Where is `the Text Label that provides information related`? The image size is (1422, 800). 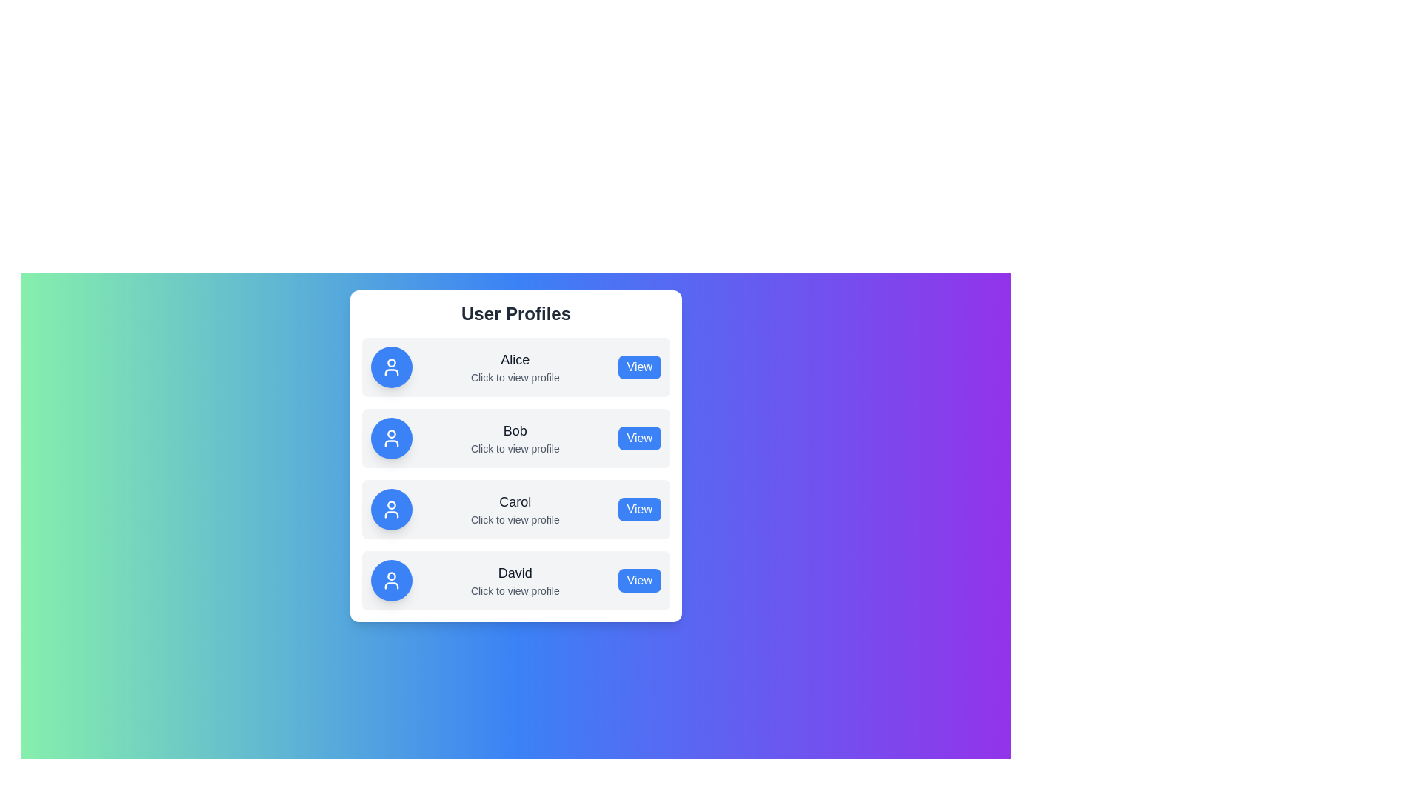
the Text Label that provides information related is located at coordinates (515, 376).